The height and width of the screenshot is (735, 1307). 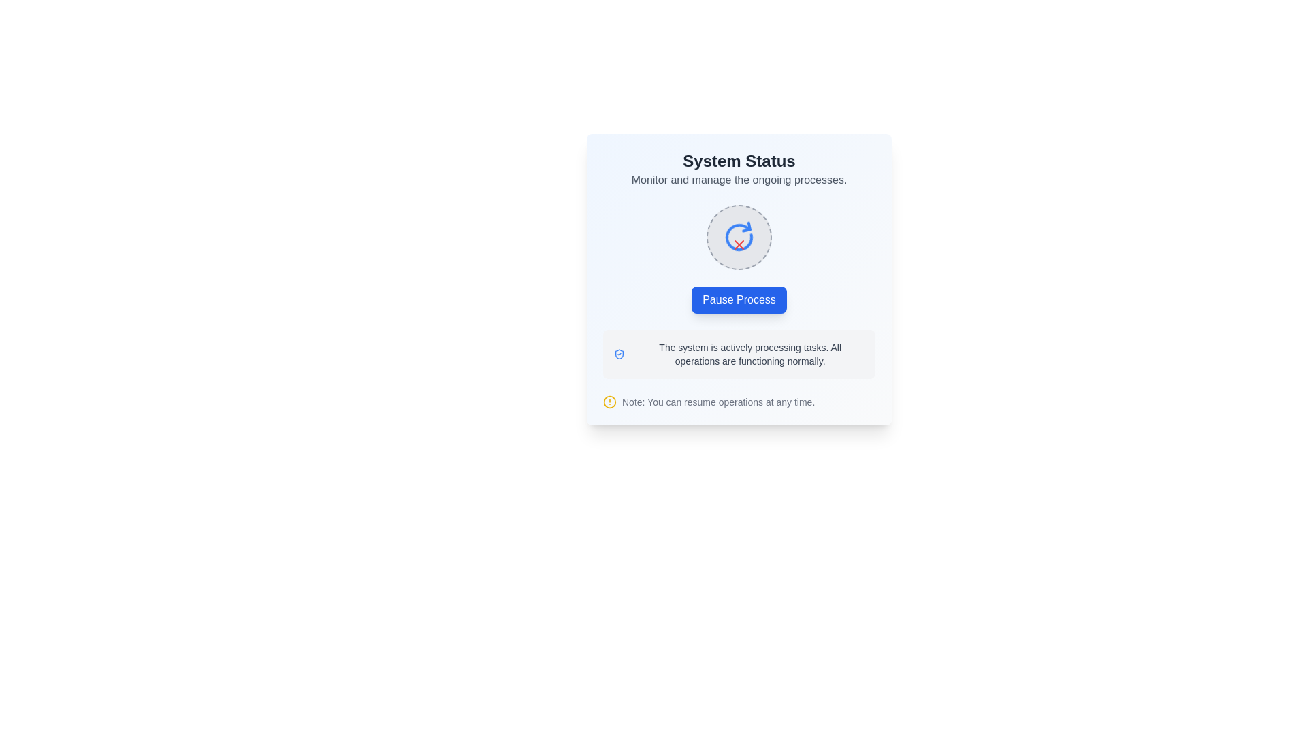 What do you see at coordinates (738, 236) in the screenshot?
I see `the animation of the inner 'X' mark within the rotation icon which represents the status of the process, located near the center of the interface above the 'Pause Process' button` at bounding box center [738, 236].